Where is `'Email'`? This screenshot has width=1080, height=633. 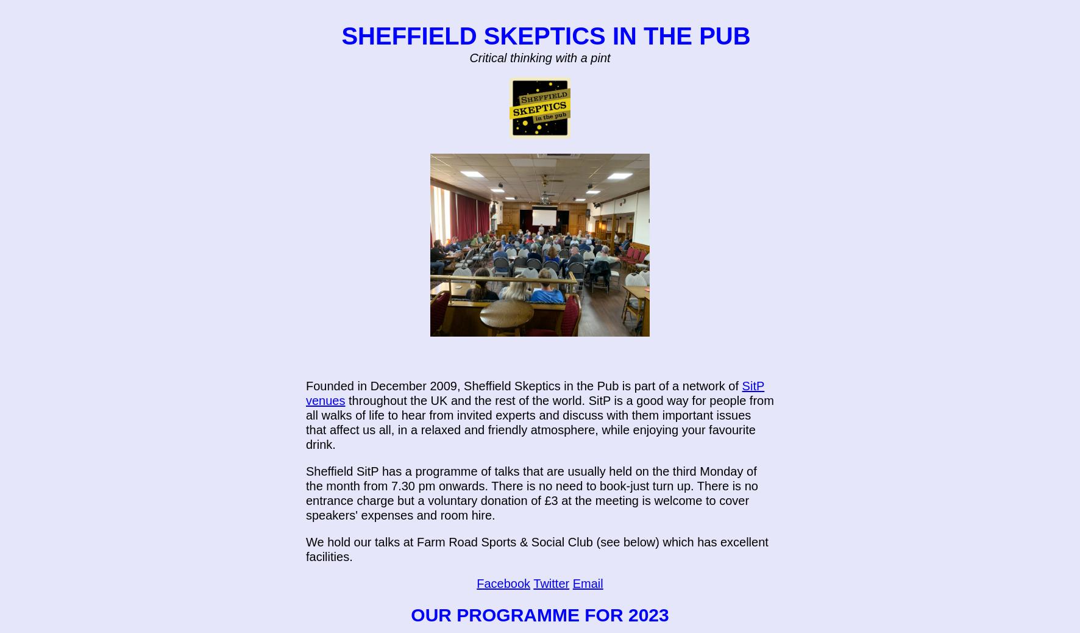 'Email' is located at coordinates (586, 582).